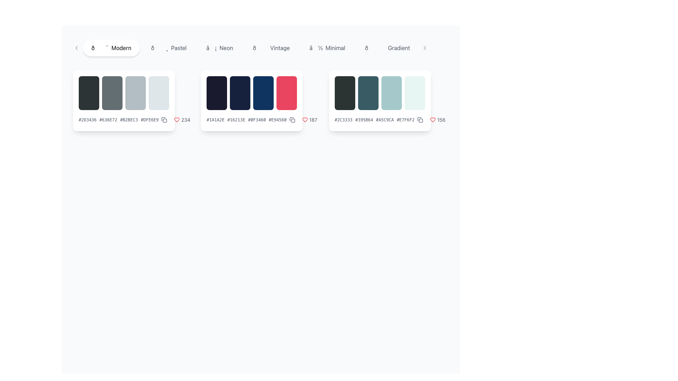 Image resolution: width=678 pixels, height=381 pixels. Describe the element at coordinates (379, 101) in the screenshot. I see `the color palette Card UI component located in the third column of a grid layout, which provides visual and textual information about colors` at that location.